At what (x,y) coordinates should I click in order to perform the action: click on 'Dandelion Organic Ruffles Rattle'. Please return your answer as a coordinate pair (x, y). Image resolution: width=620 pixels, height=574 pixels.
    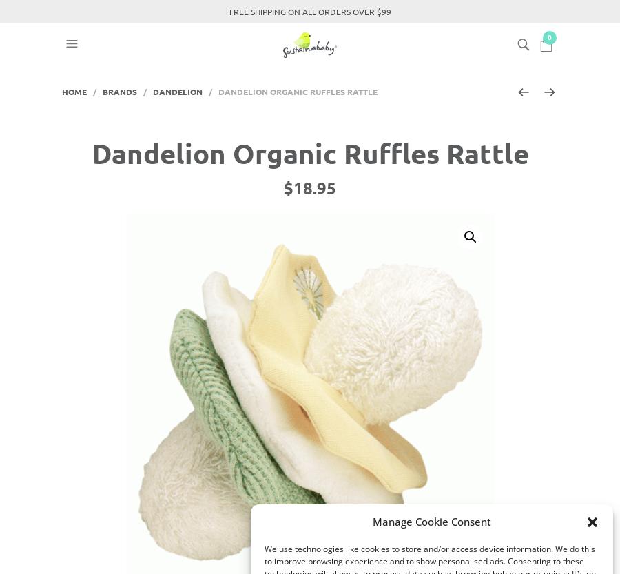
    Looking at the image, I should click on (91, 151).